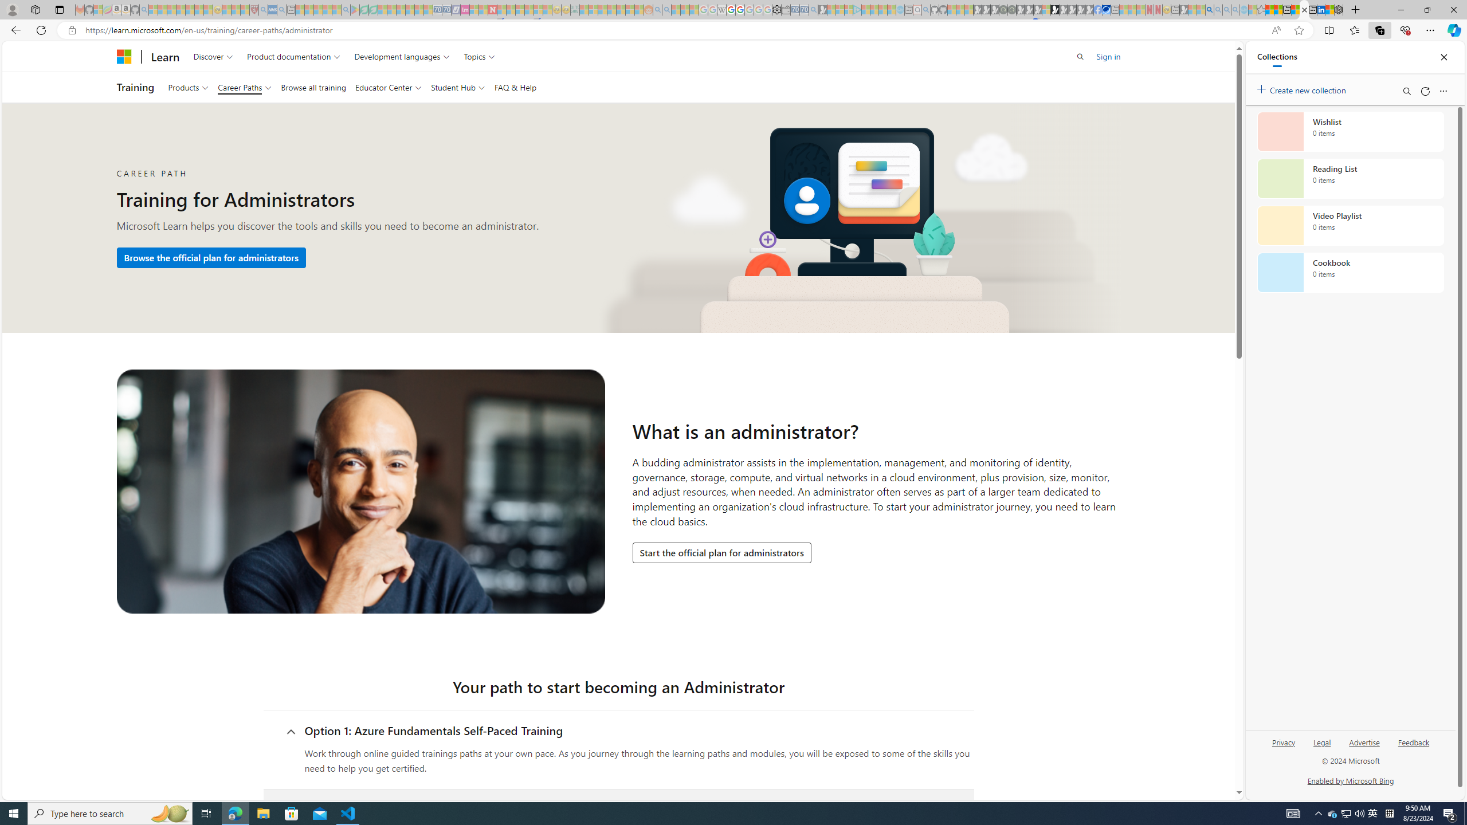  What do you see at coordinates (166, 56) in the screenshot?
I see `'Learn'` at bounding box center [166, 56].